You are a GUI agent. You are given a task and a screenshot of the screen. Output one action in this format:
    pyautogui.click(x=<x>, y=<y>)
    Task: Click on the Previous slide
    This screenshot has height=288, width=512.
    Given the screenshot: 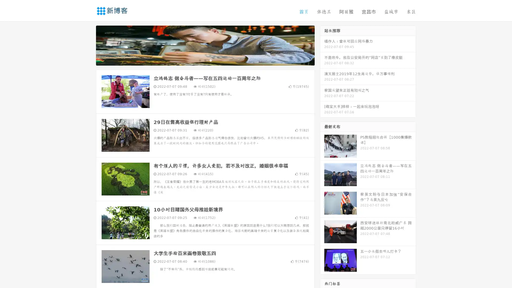 What is the action you would take?
    pyautogui.click(x=88, y=45)
    